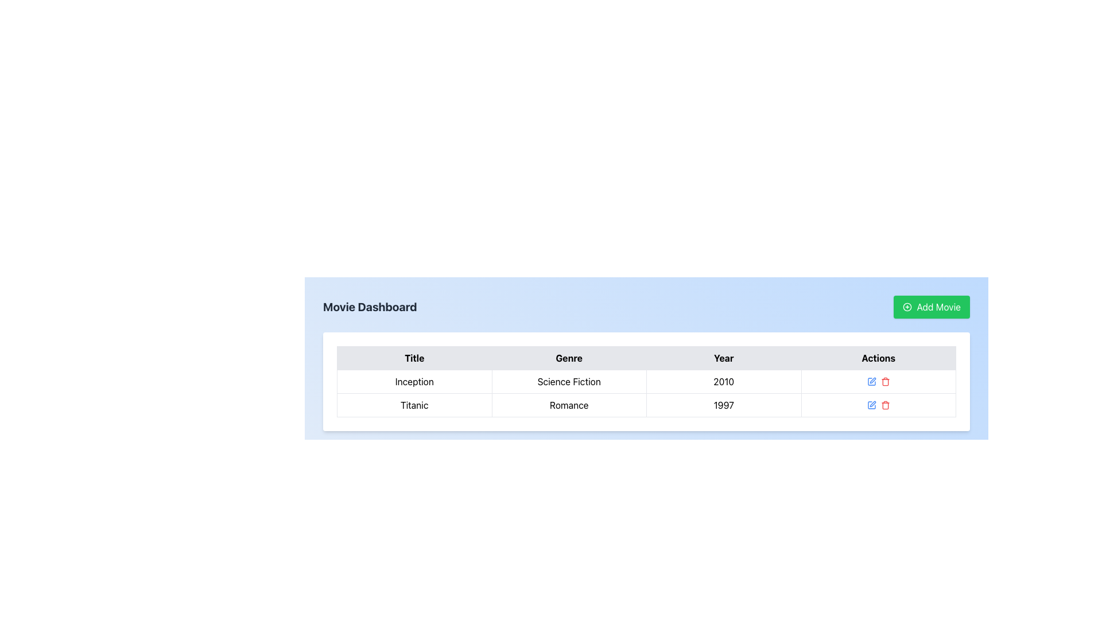 This screenshot has width=1102, height=620. Describe the element at coordinates (872, 404) in the screenshot. I see `the 'edit' button for the movie 'Titanic' located in the 'Actions' column of the table, which is positioned to the right of the red trash bin icon, using keyboard navigation for interaction` at that location.